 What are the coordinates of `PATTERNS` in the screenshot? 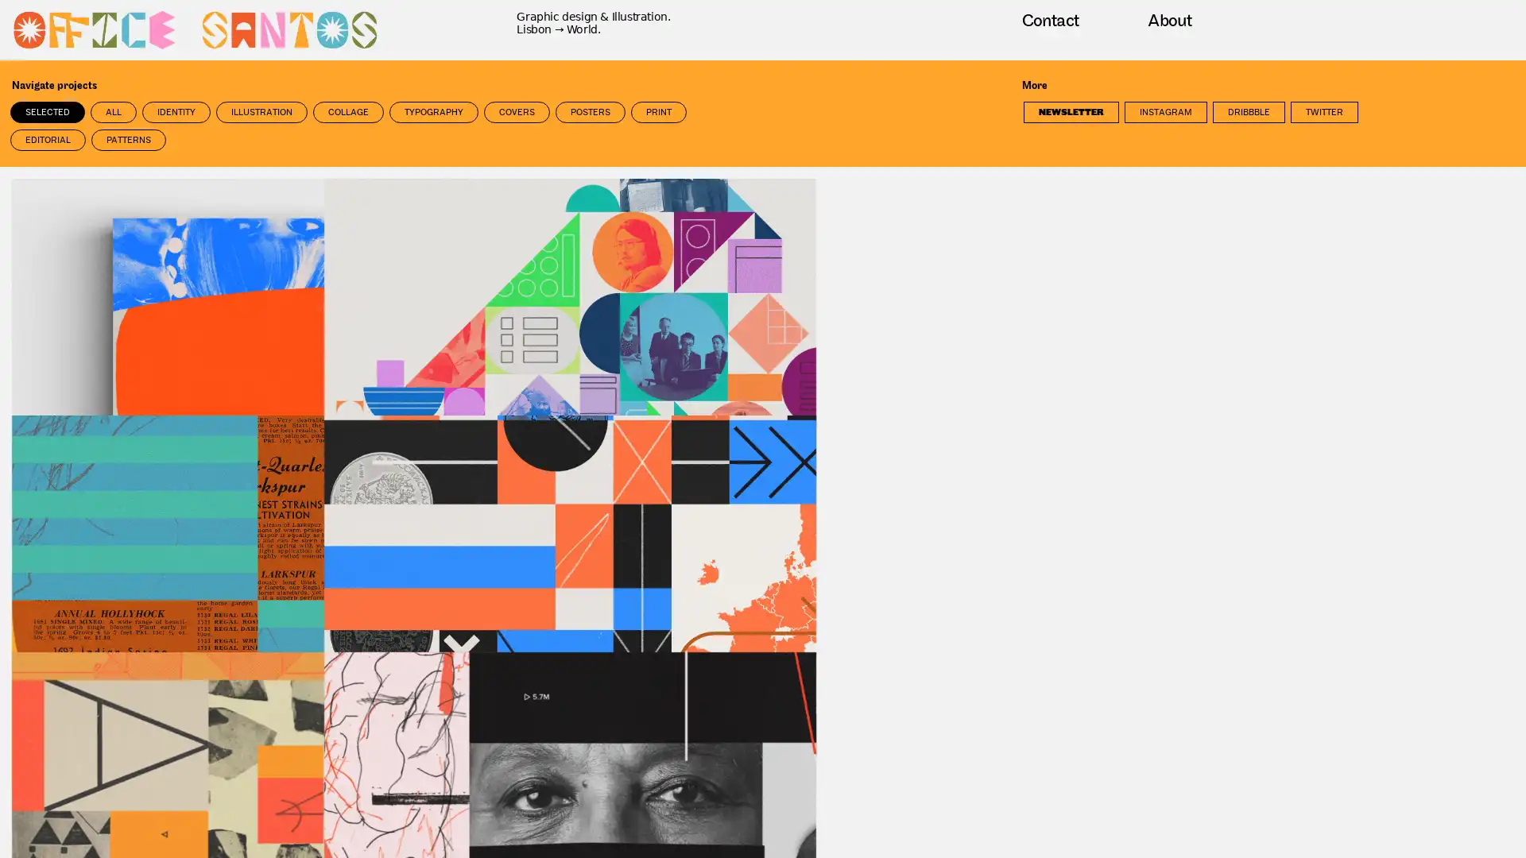 It's located at (129, 139).